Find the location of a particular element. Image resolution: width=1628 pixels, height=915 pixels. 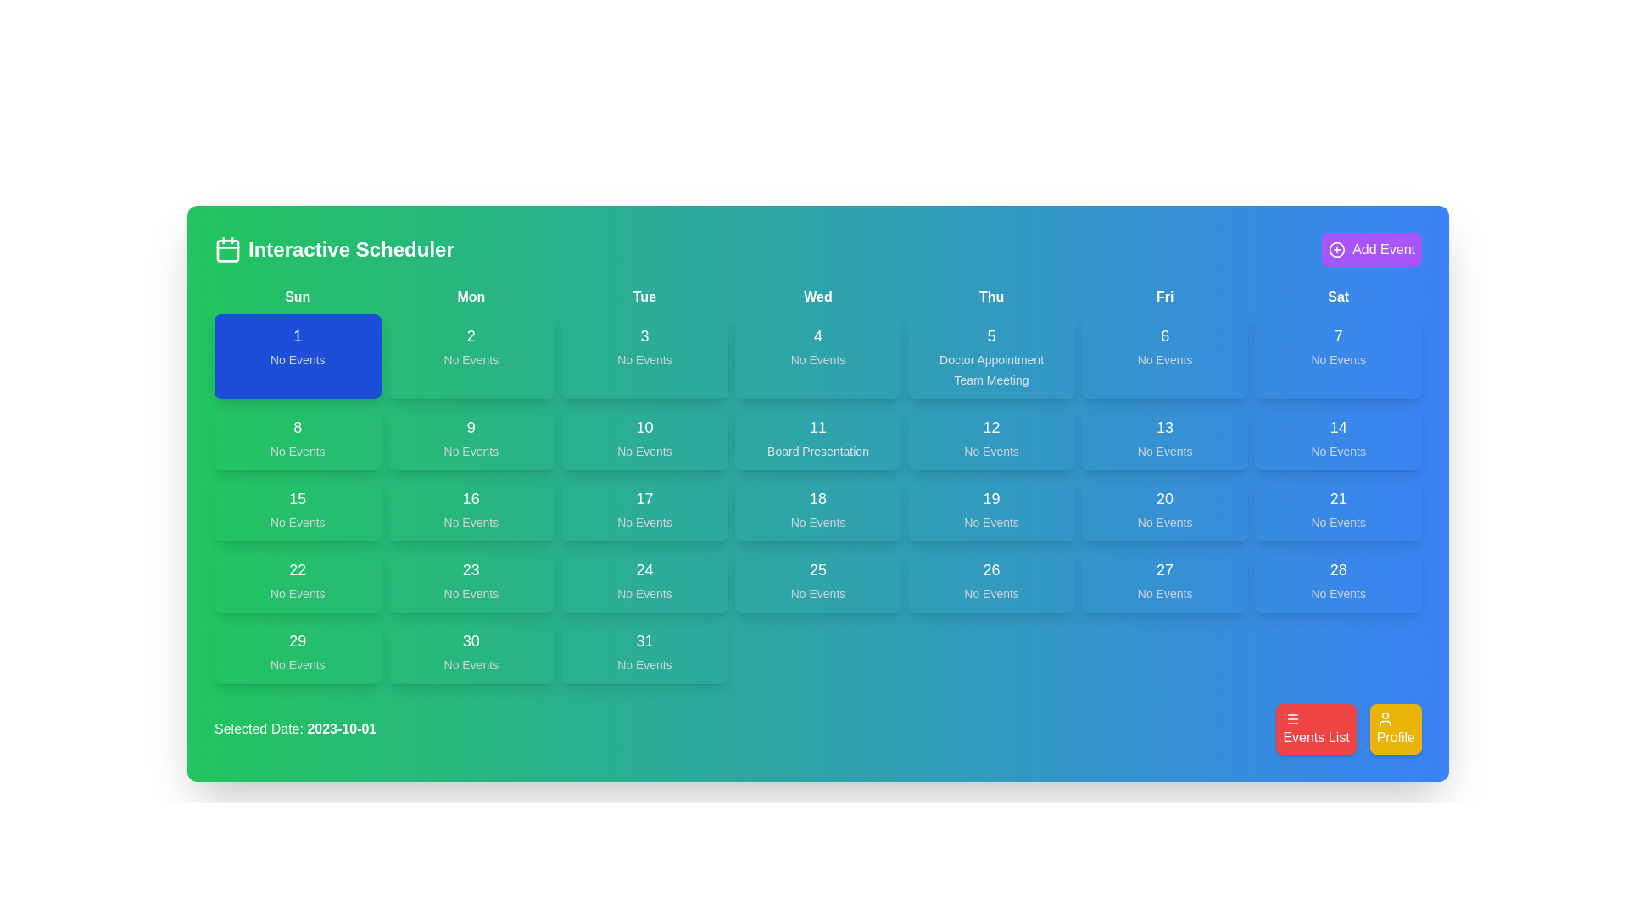

the calendar day cell located in the sixth row and third column of the calendar grid is located at coordinates (644, 579).